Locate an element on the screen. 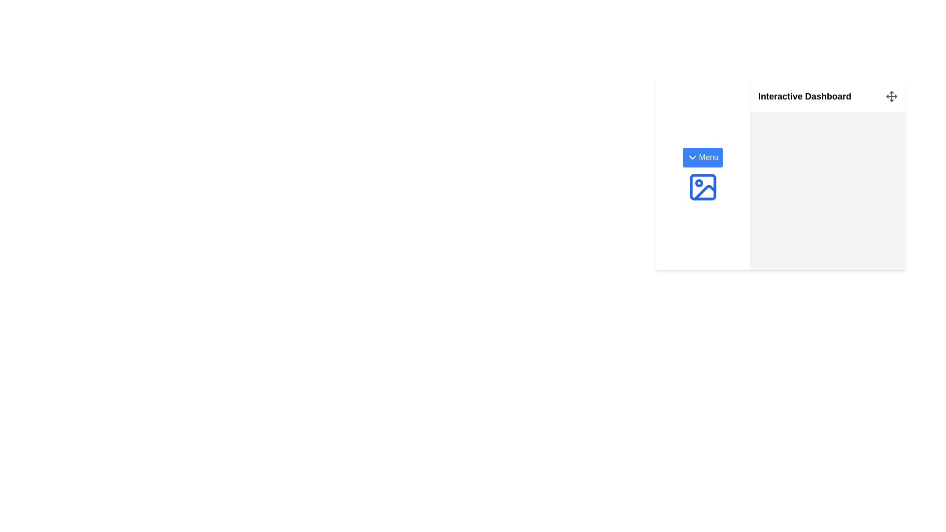  the blue icon with a mountain and sun symbol, representing an image or gallery, located below the Menu button in the interface is located at coordinates (702, 187).